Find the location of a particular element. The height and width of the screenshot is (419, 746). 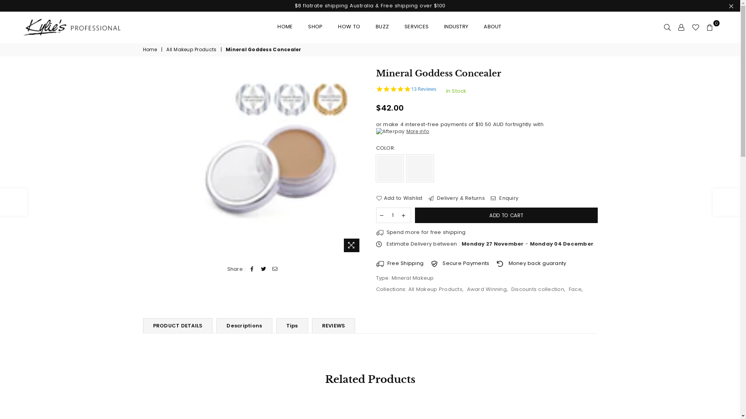

'HOW TO' is located at coordinates (349, 26).